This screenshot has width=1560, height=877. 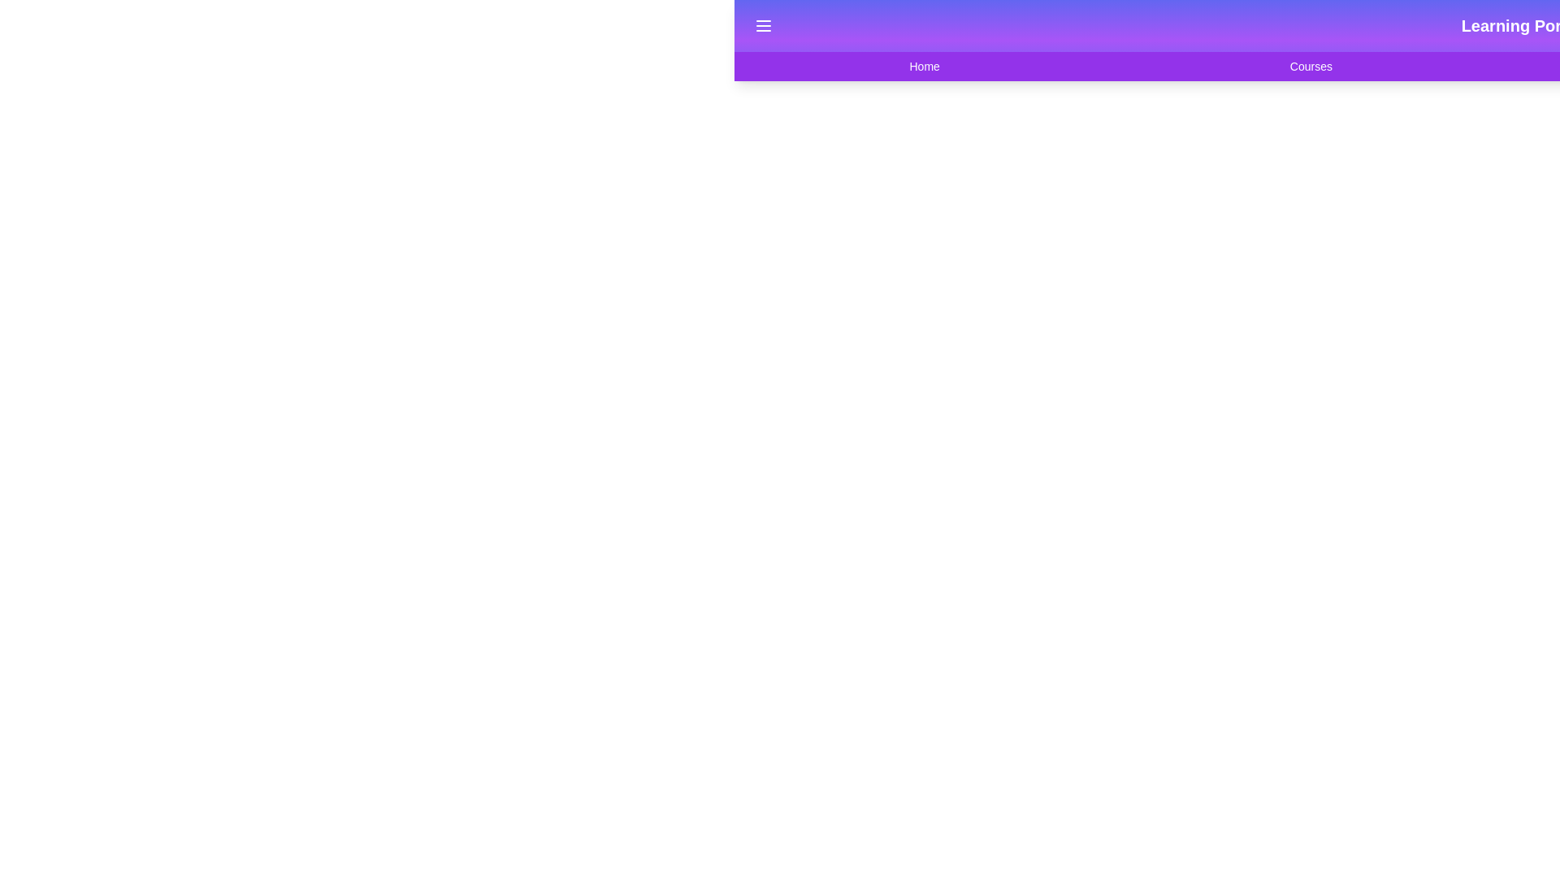 What do you see at coordinates (1311, 65) in the screenshot?
I see `the navigation item Courses from the navigation bar` at bounding box center [1311, 65].